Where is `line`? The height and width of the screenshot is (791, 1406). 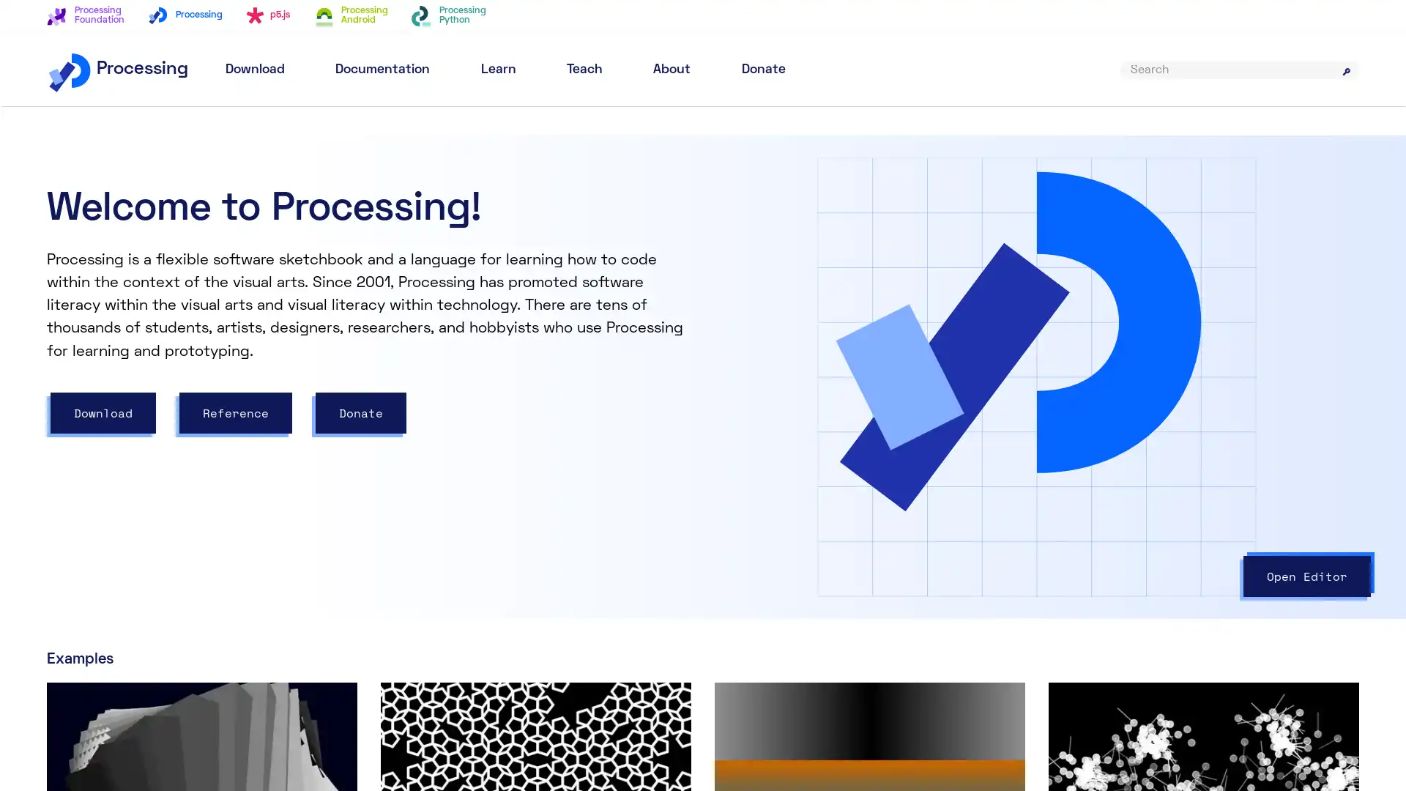 line is located at coordinates (759, 451).